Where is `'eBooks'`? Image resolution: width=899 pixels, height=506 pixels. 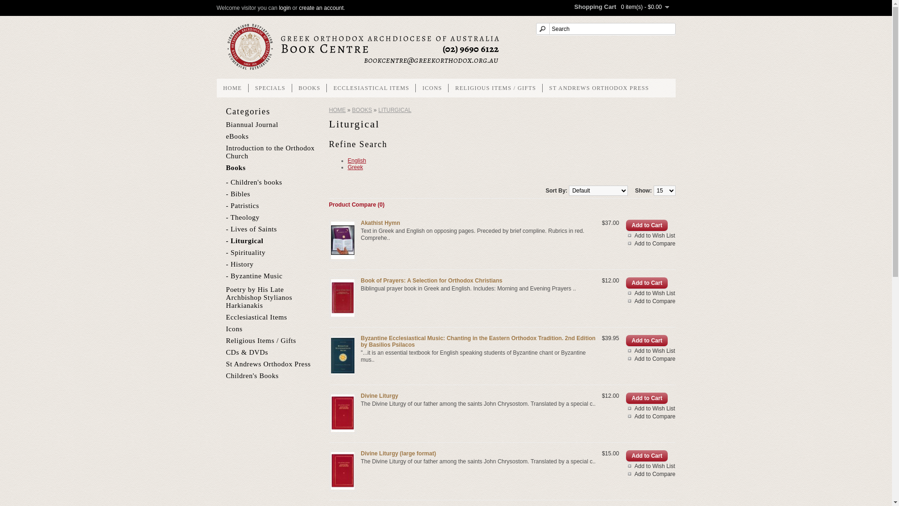 'eBooks' is located at coordinates (237, 136).